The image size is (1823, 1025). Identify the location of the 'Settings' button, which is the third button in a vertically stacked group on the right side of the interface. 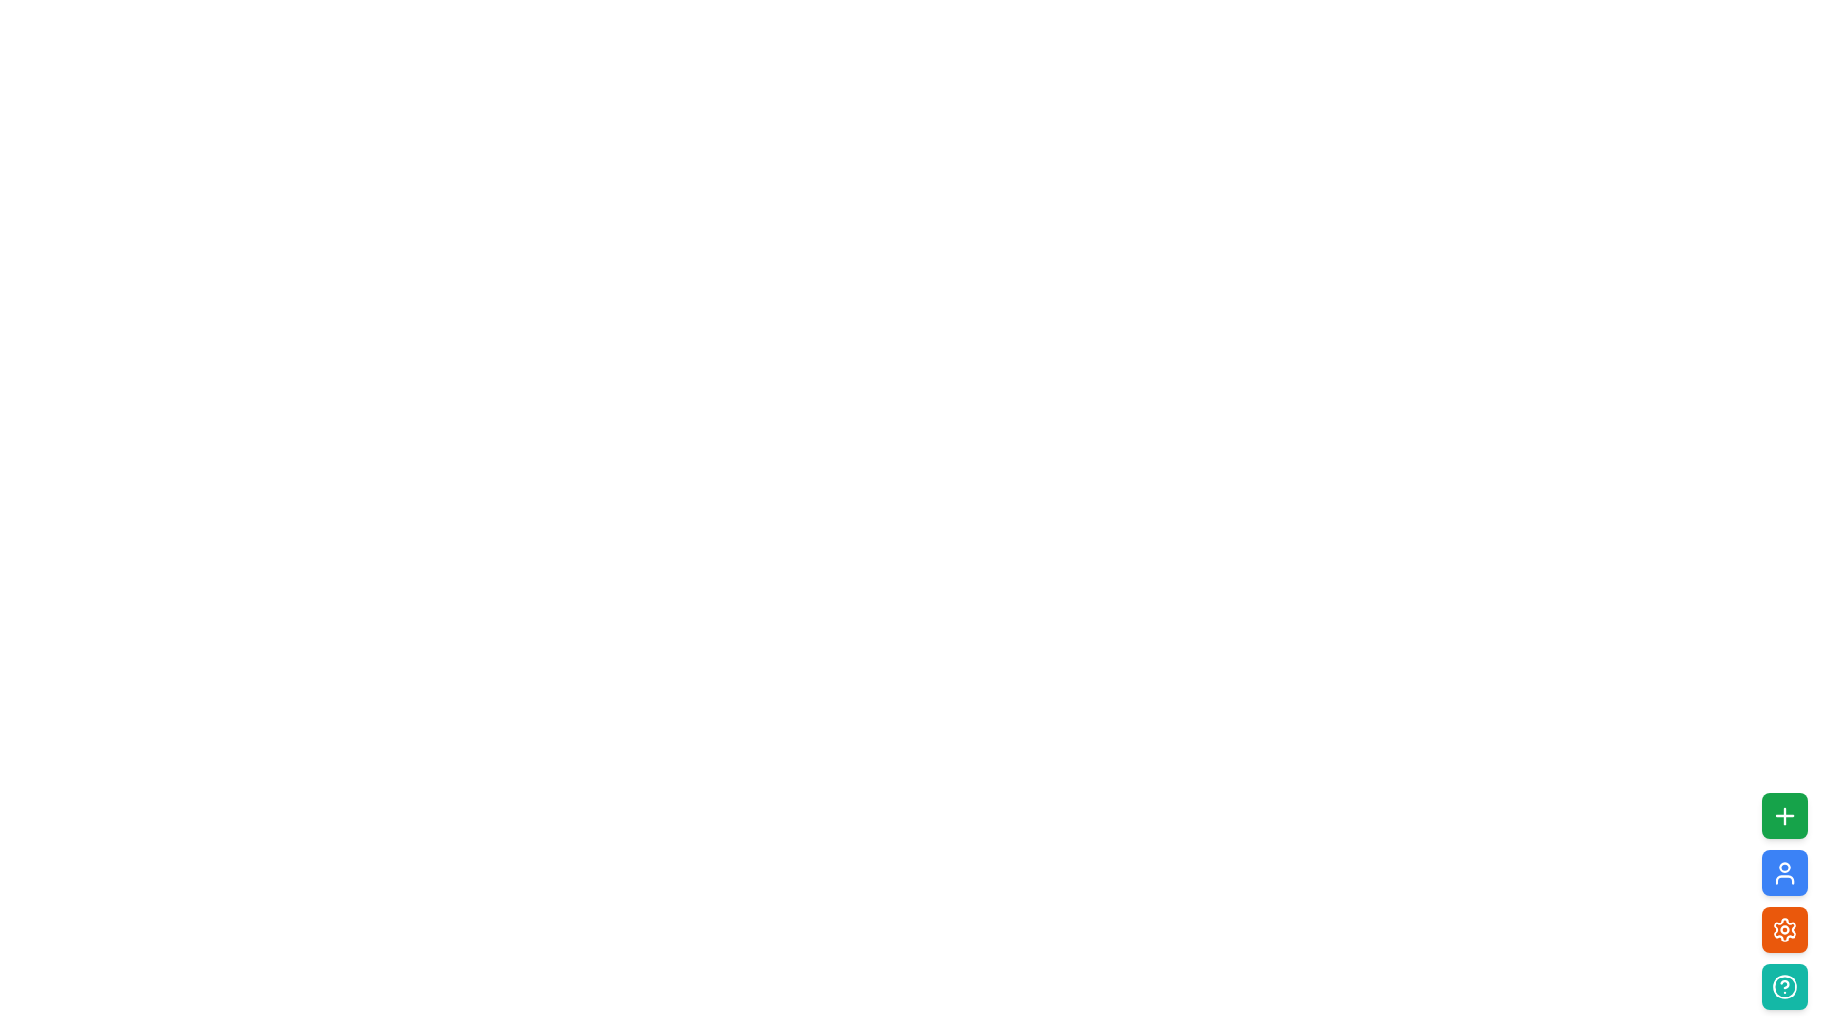
(1784, 928).